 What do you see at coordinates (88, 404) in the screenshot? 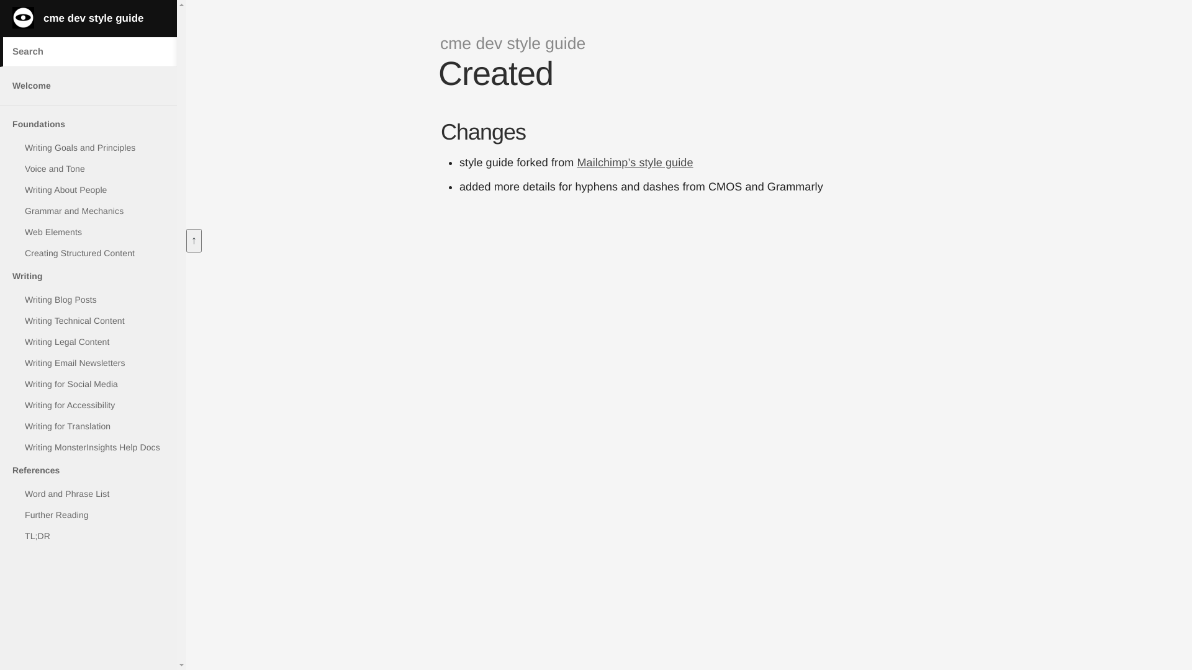
I see `'Writing for Accessibility'` at bounding box center [88, 404].